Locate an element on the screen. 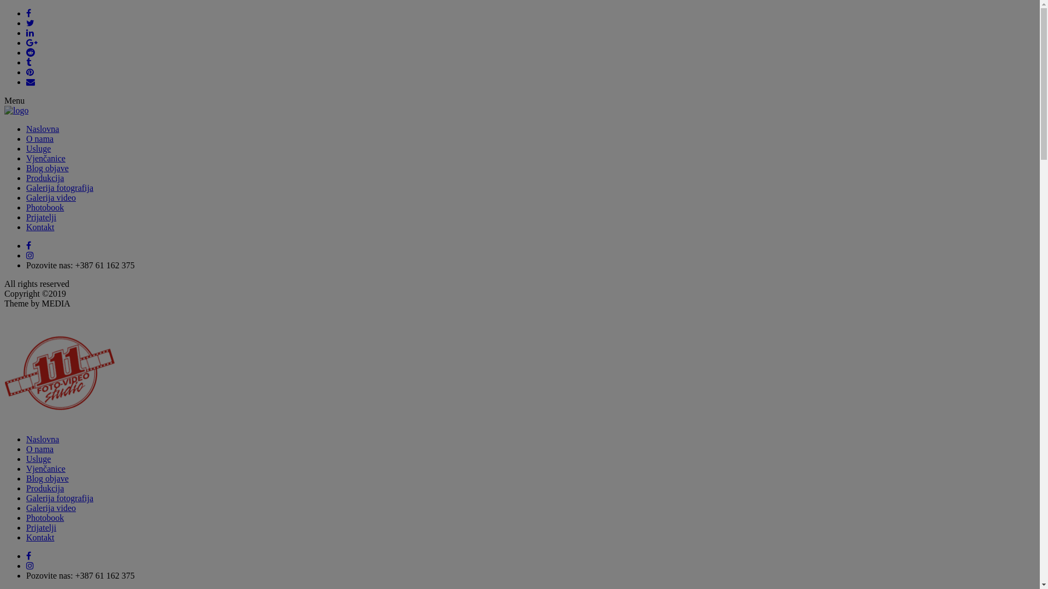 The image size is (1048, 589). 'Photobook' is located at coordinates (44, 517).